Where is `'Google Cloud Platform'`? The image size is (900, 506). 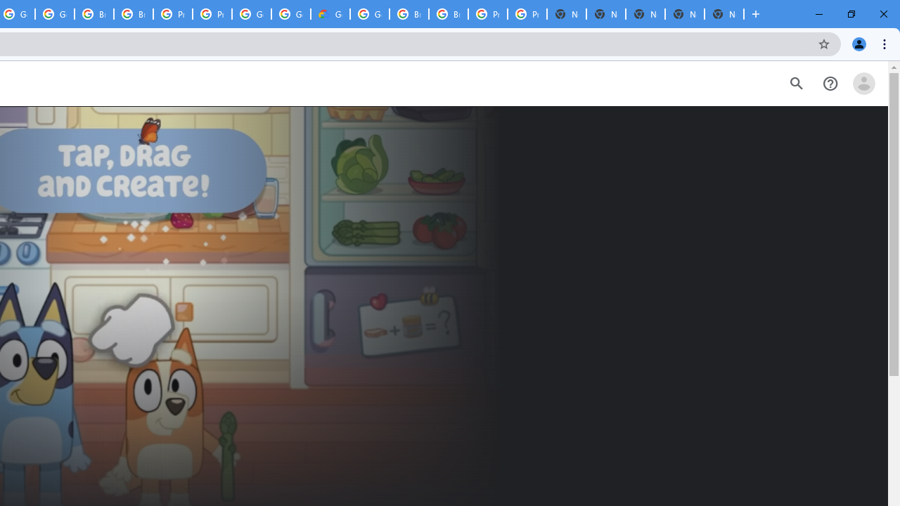 'Google Cloud Platform' is located at coordinates (370, 14).